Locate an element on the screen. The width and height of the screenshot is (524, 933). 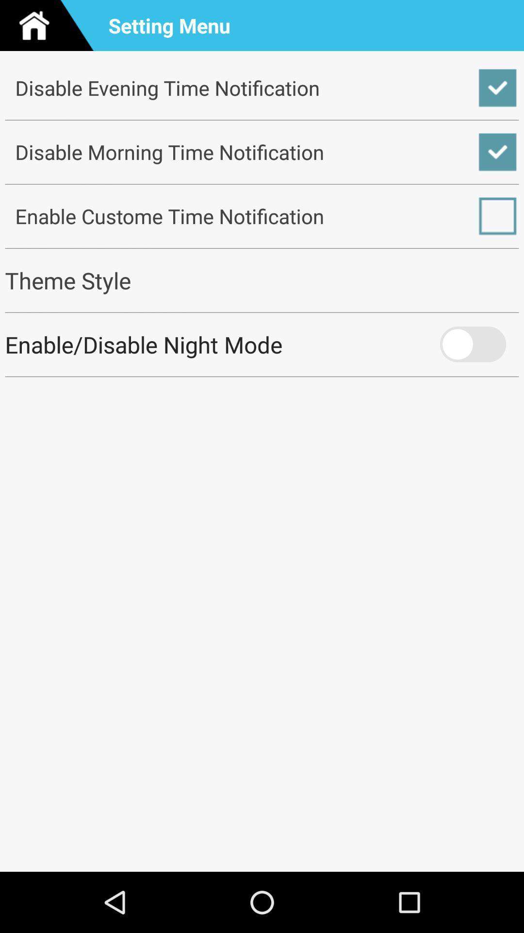
the checkbox below the enable custome time is located at coordinates (262, 280).